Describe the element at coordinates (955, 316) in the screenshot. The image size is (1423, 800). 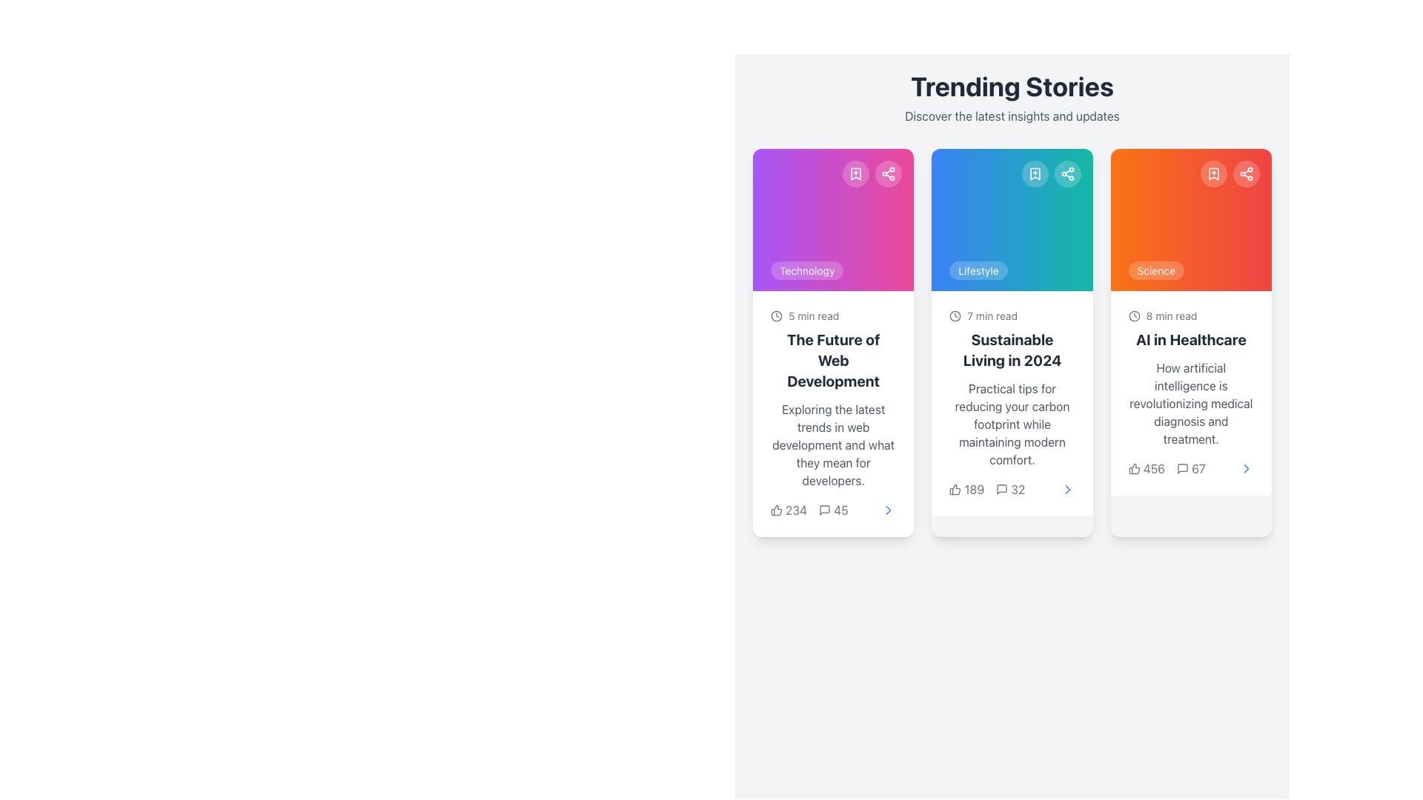
I see `the clock icon located to the immediate left of the text '7 min read' in the middle card titled 'Sustainable Living in 2024' for potential interaction` at that location.